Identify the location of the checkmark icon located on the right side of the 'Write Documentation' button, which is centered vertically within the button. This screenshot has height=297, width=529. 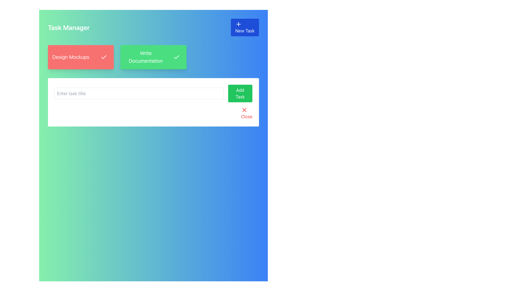
(176, 57).